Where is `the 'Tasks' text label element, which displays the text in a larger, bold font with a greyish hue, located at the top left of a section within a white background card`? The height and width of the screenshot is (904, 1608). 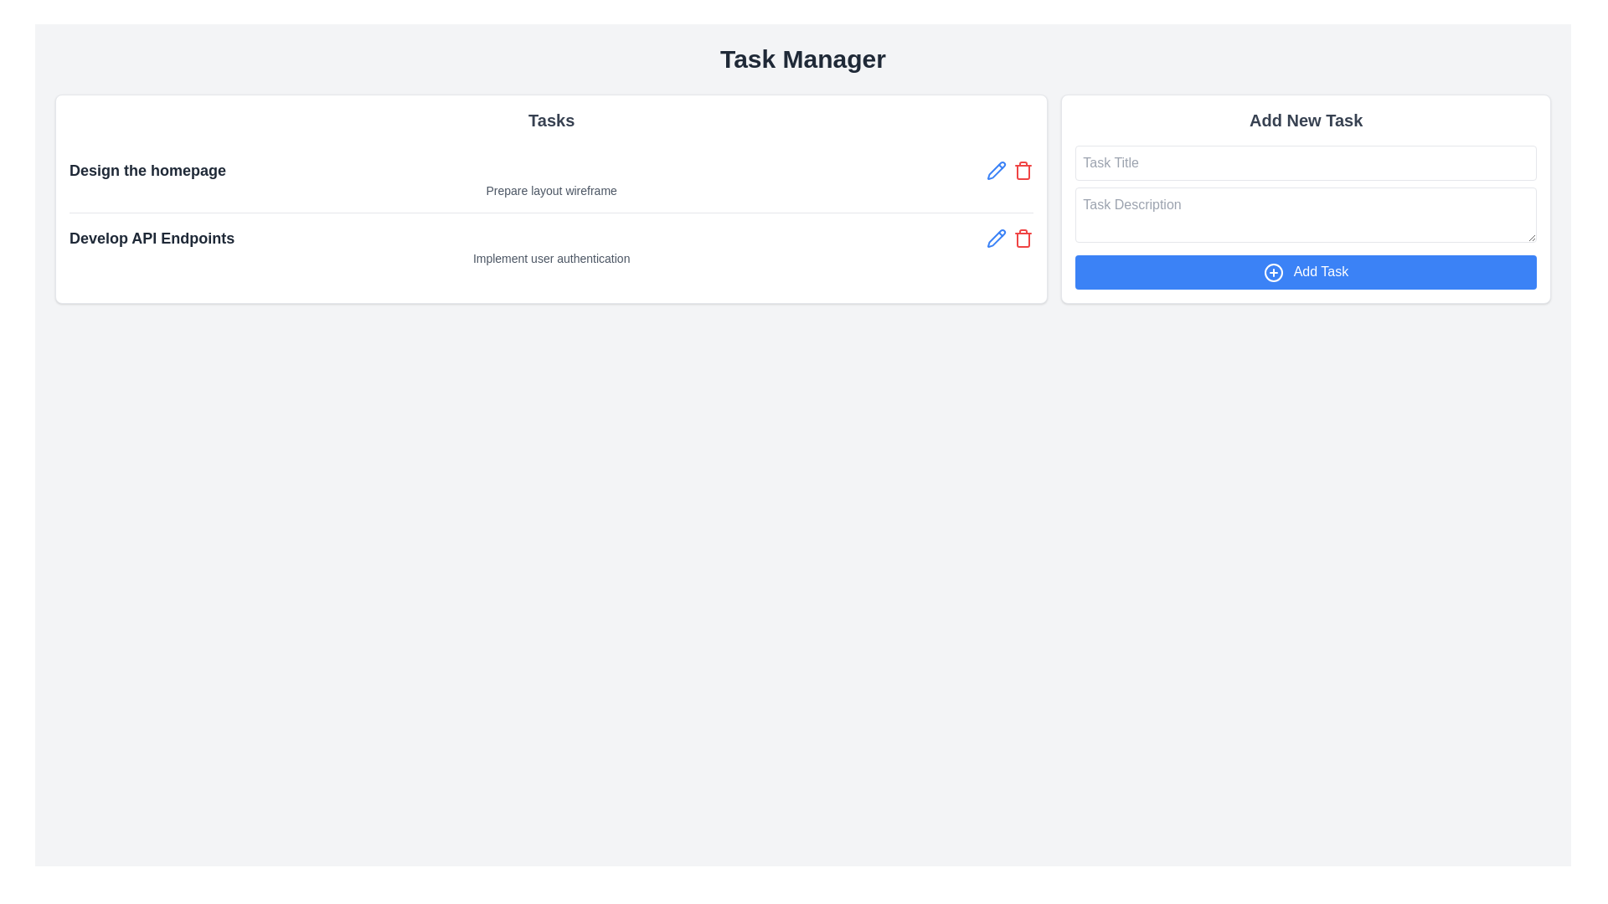 the 'Tasks' text label element, which displays the text in a larger, bold font with a greyish hue, located at the top left of a section within a white background card is located at coordinates (551, 119).